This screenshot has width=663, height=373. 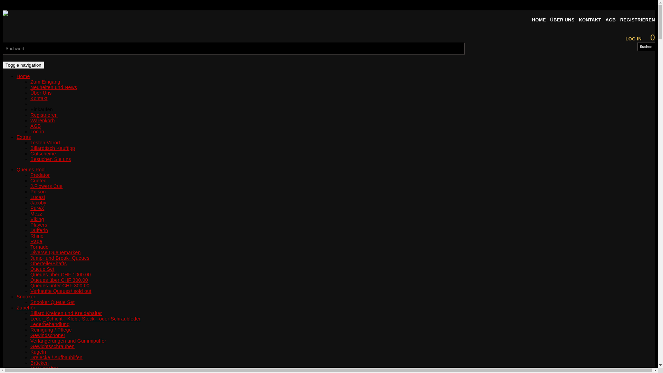 I want to click on 'HOME', so click(x=538, y=19).